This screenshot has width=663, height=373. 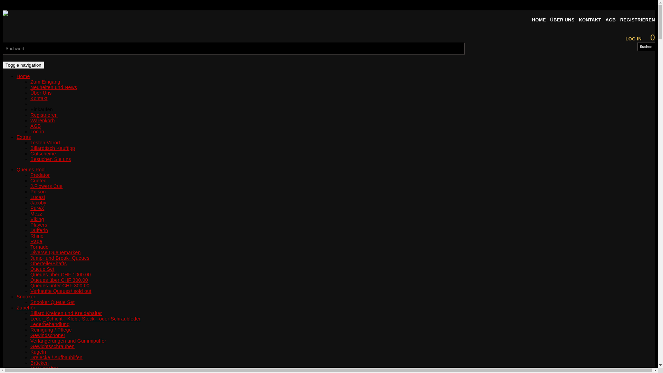 I want to click on 'HOME', so click(x=538, y=19).